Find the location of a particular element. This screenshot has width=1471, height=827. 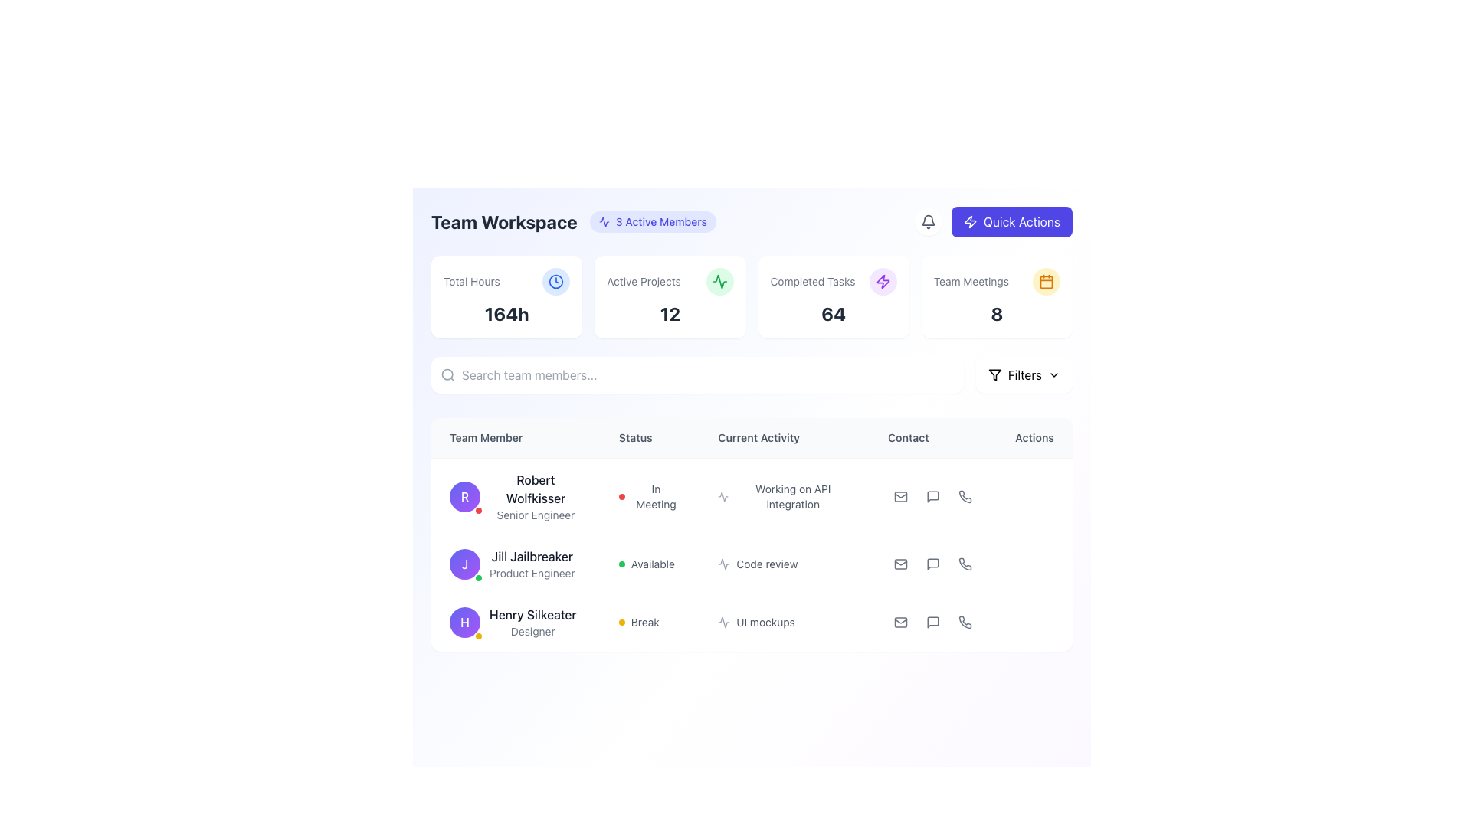

the Ellipsis Menu button in the Actions column for the team member Jill Jailbreaker is located at coordinates (1034, 564).